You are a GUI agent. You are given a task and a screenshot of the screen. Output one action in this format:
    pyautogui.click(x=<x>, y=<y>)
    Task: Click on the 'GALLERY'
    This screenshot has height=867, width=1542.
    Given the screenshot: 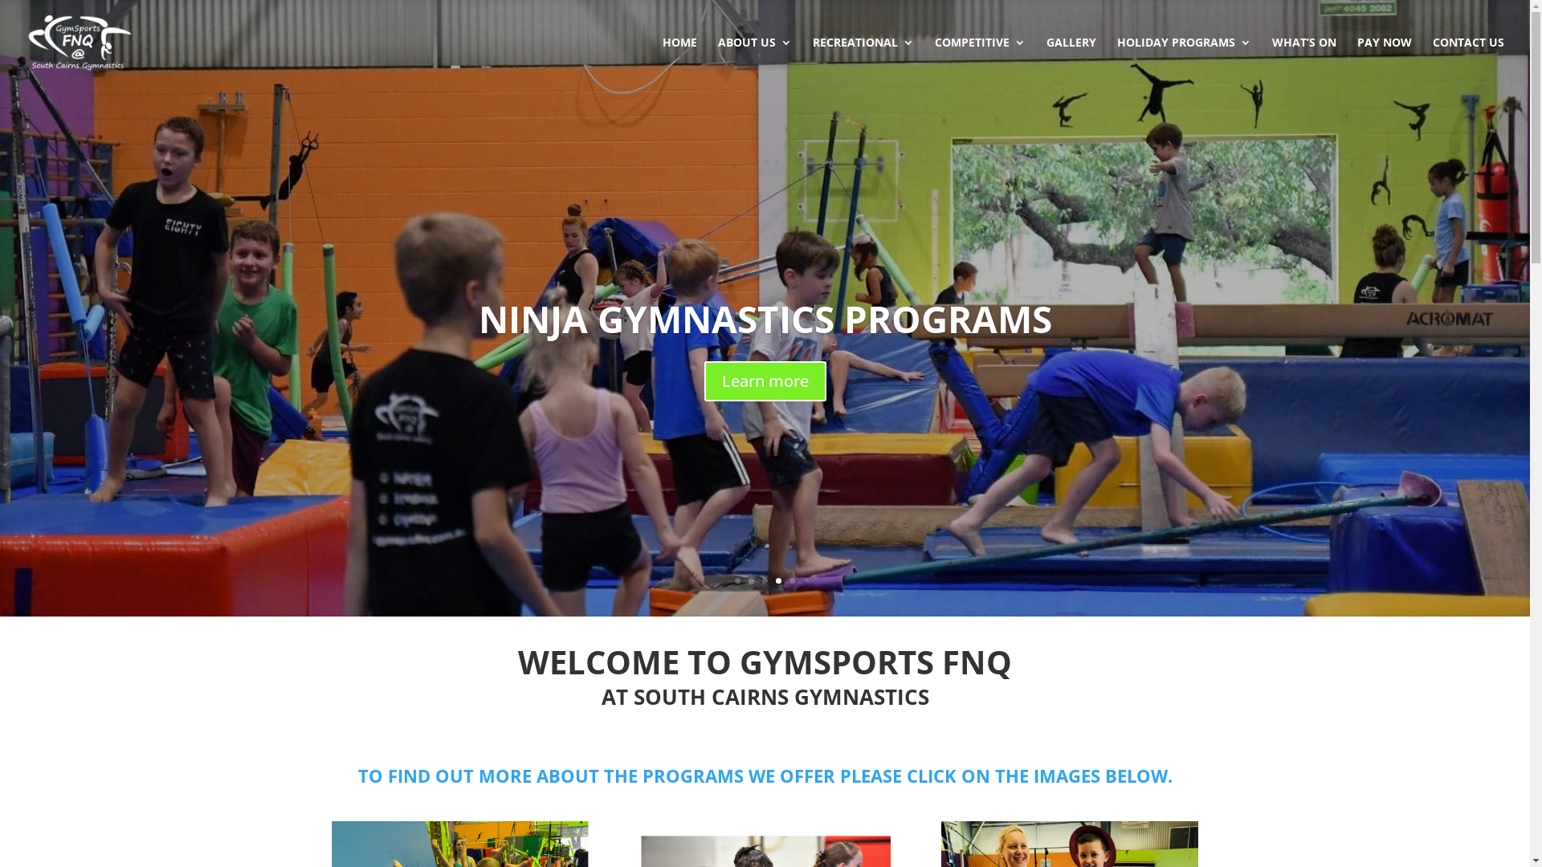 What is the action you would take?
    pyautogui.click(x=1071, y=60)
    